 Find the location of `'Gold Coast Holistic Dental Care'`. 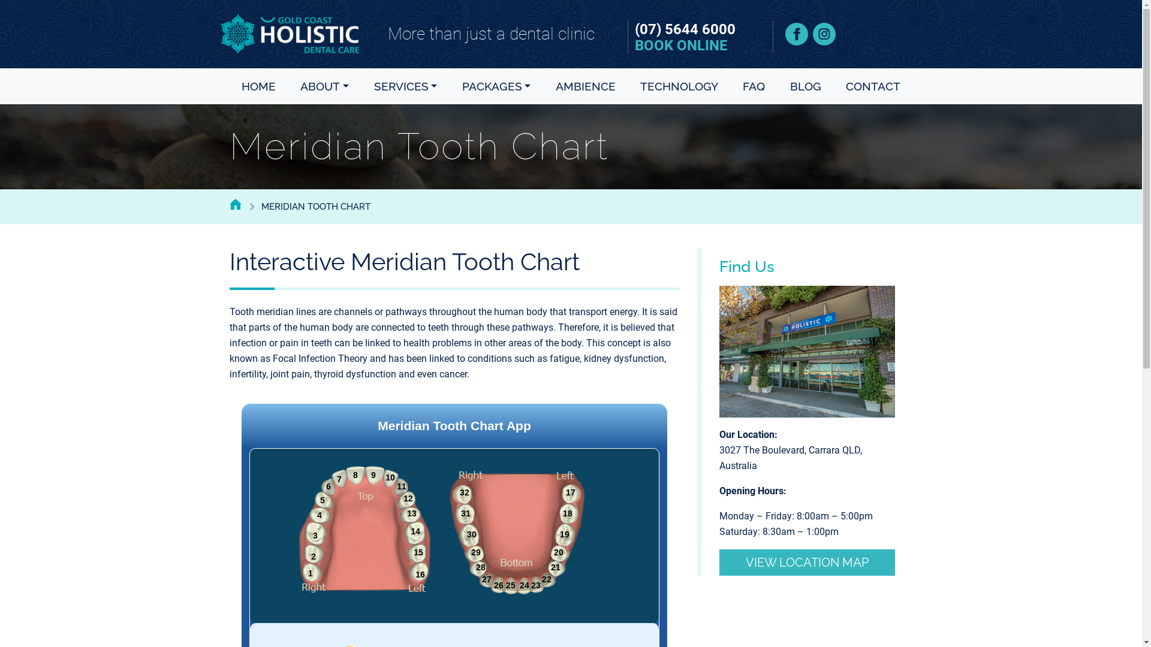

'Gold Coast Holistic Dental Care' is located at coordinates (290, 33).